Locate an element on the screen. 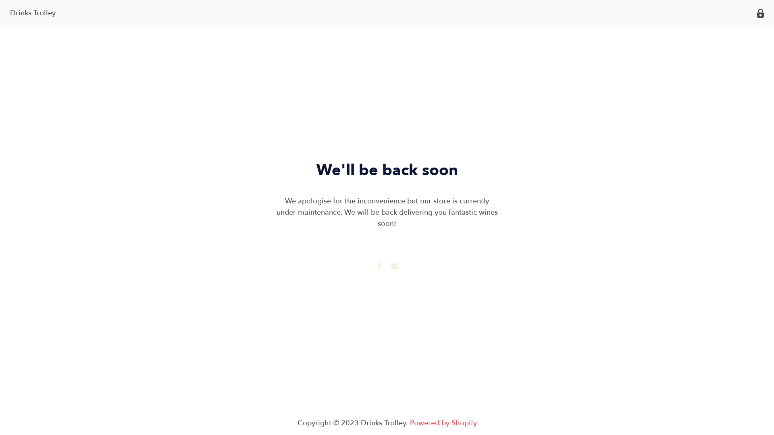 The height and width of the screenshot is (435, 774). 'Powered by Shopify' is located at coordinates (410, 423).